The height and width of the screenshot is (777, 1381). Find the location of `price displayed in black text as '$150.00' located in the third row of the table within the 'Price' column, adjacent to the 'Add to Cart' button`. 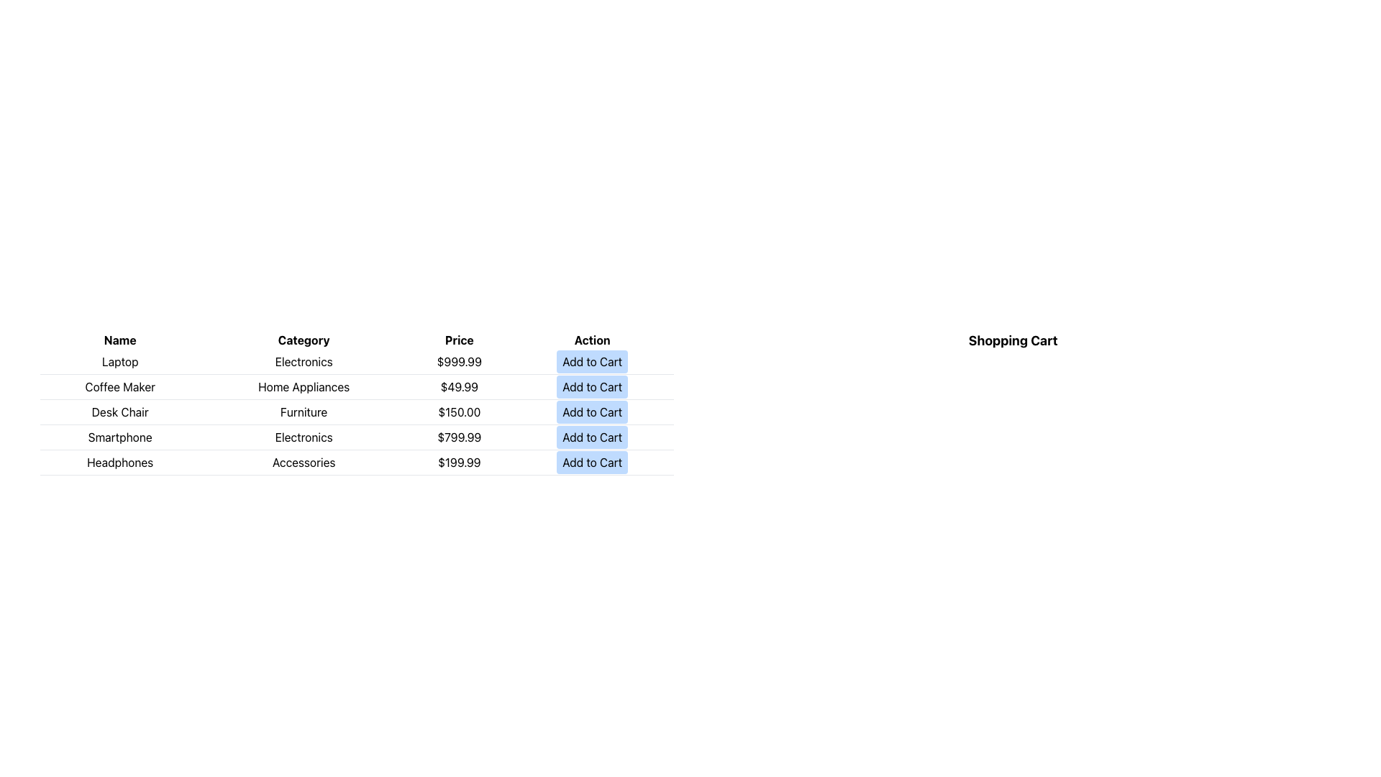

price displayed in black text as '$150.00' located in the third row of the table within the 'Price' column, adjacent to the 'Add to Cart' button is located at coordinates (458, 412).